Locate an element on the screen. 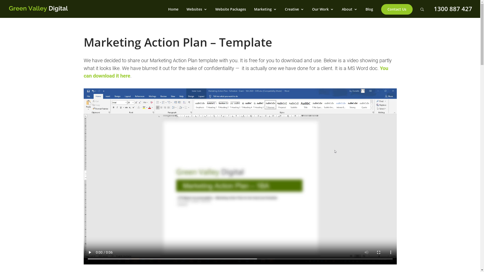  'Creative' is located at coordinates (294, 12).